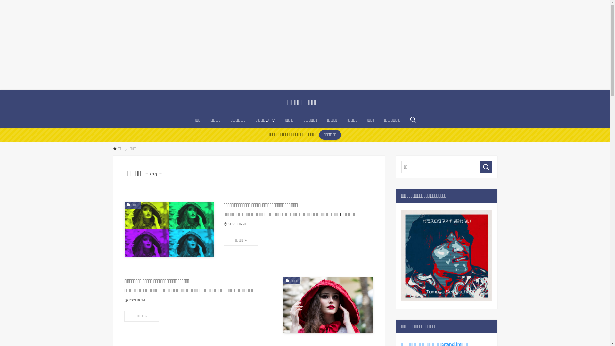  Describe the element at coordinates (0, 44) in the screenshot. I see `'Advertisement'` at that location.